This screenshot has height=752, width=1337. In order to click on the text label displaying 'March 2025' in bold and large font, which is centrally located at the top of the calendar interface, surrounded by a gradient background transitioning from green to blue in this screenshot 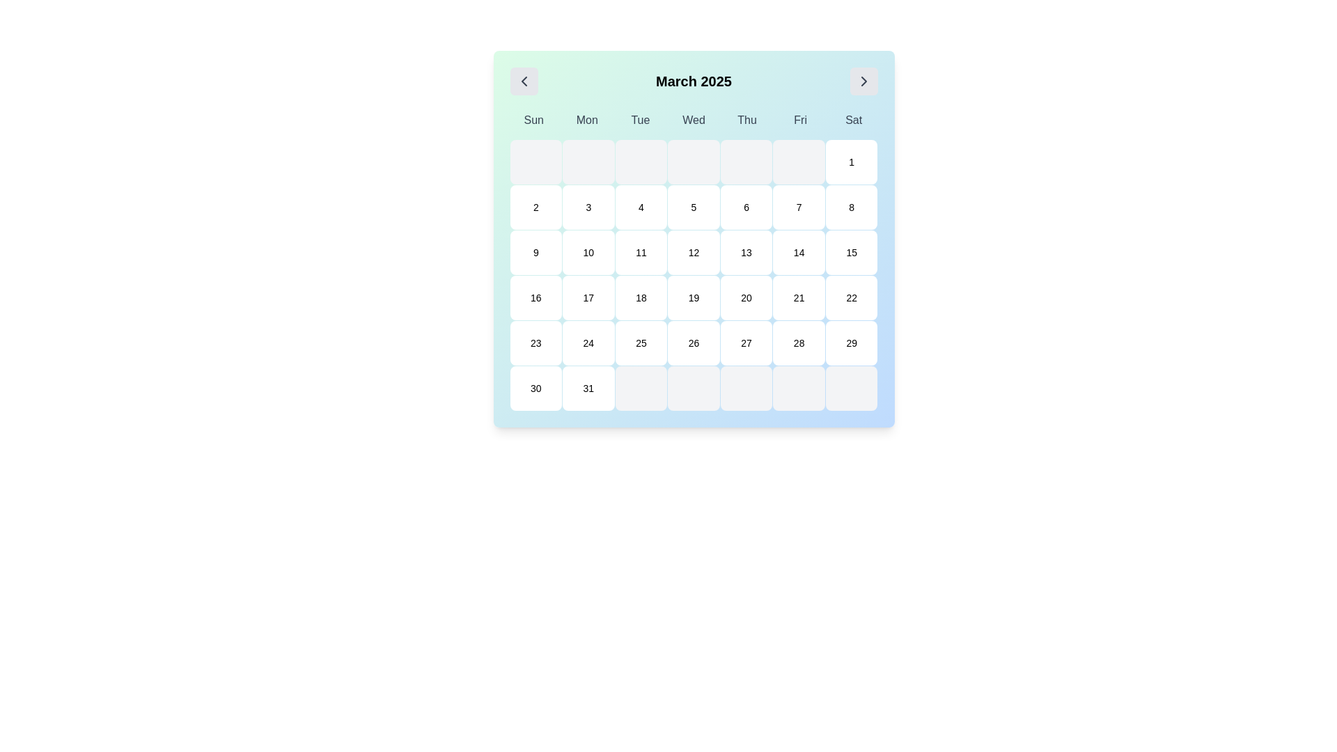, I will do `click(694, 81)`.